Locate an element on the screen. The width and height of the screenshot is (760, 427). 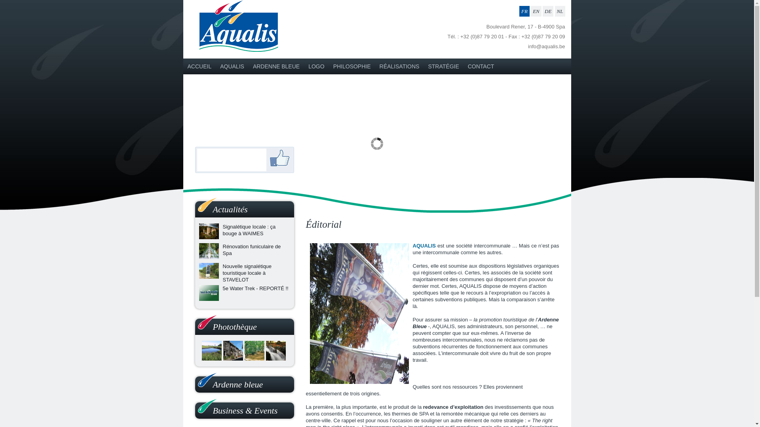
'EN' is located at coordinates (536, 11).